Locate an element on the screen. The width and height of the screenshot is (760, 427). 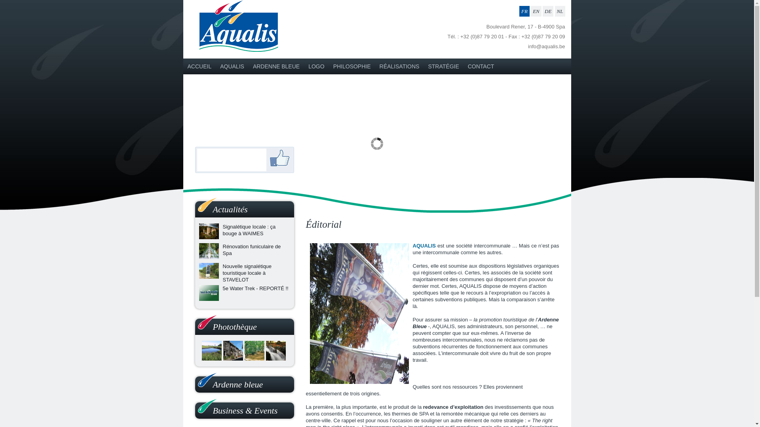
'EN' is located at coordinates (536, 11).